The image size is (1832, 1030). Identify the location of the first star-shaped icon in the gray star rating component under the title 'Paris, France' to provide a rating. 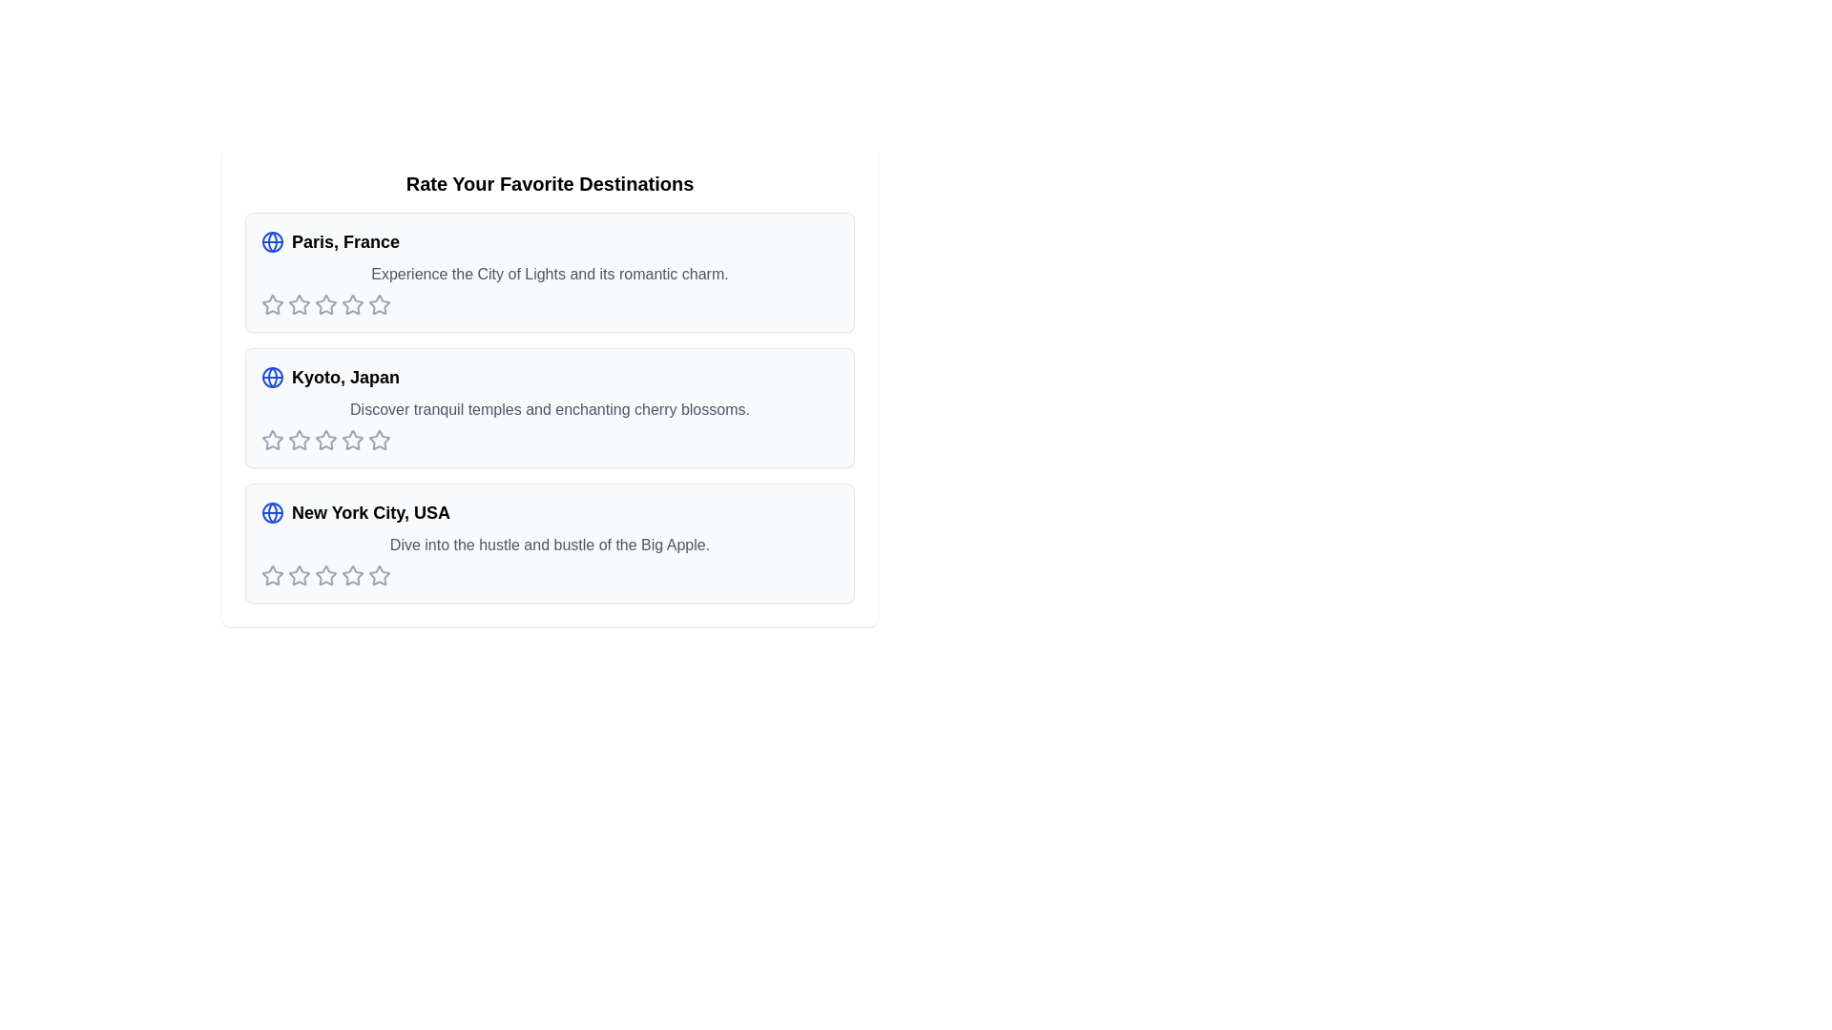
(298, 303).